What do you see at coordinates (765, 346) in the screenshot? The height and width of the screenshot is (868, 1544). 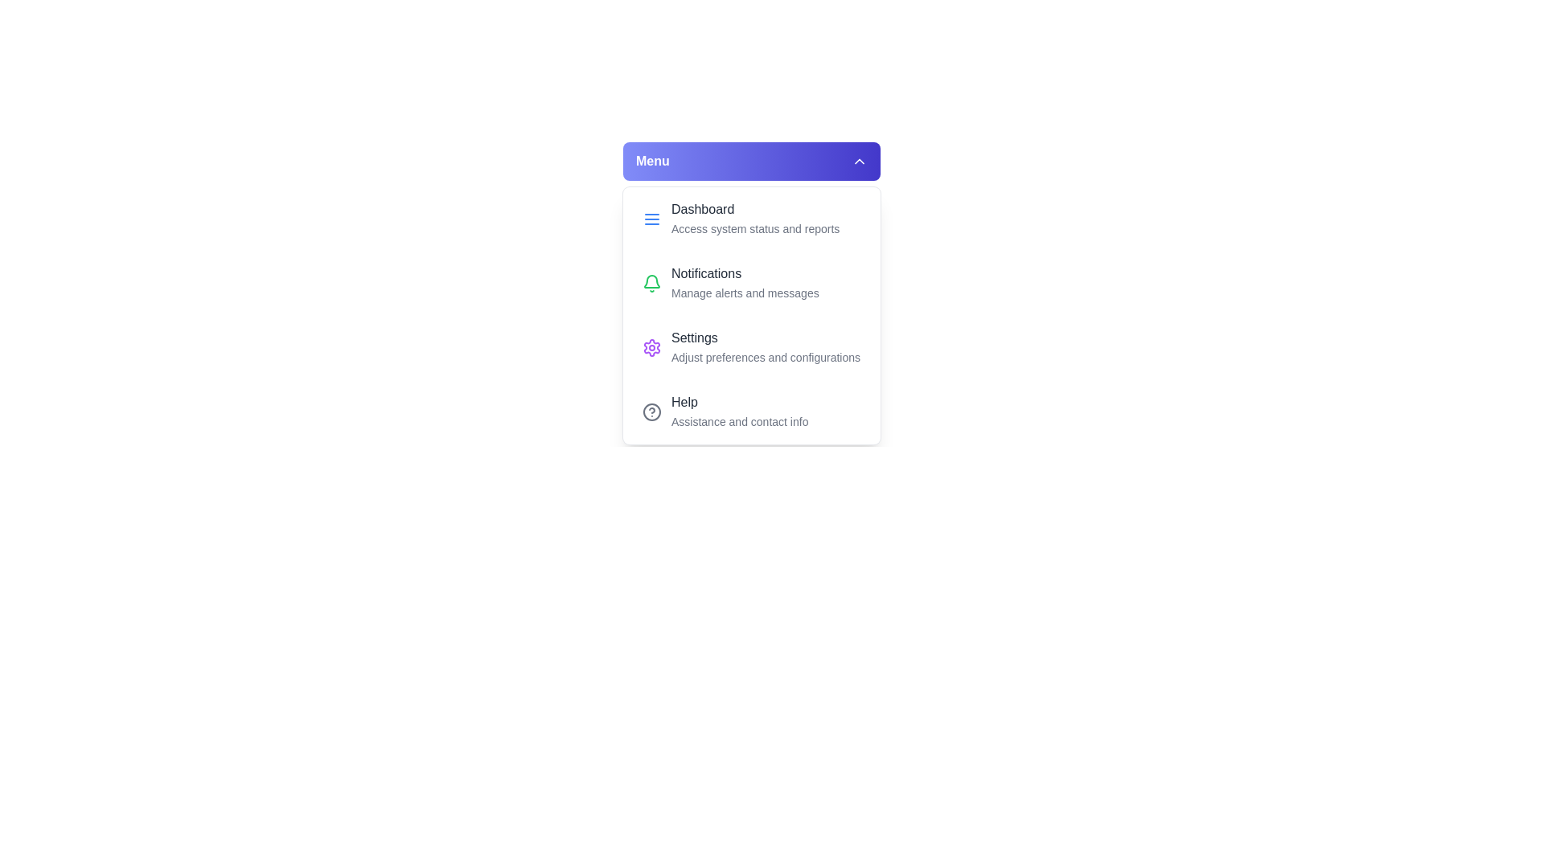 I see `the third clickable text-based navigation menu entry that allows access to the settings page, located between the 'Notifications' and 'Help' menu items` at bounding box center [765, 346].